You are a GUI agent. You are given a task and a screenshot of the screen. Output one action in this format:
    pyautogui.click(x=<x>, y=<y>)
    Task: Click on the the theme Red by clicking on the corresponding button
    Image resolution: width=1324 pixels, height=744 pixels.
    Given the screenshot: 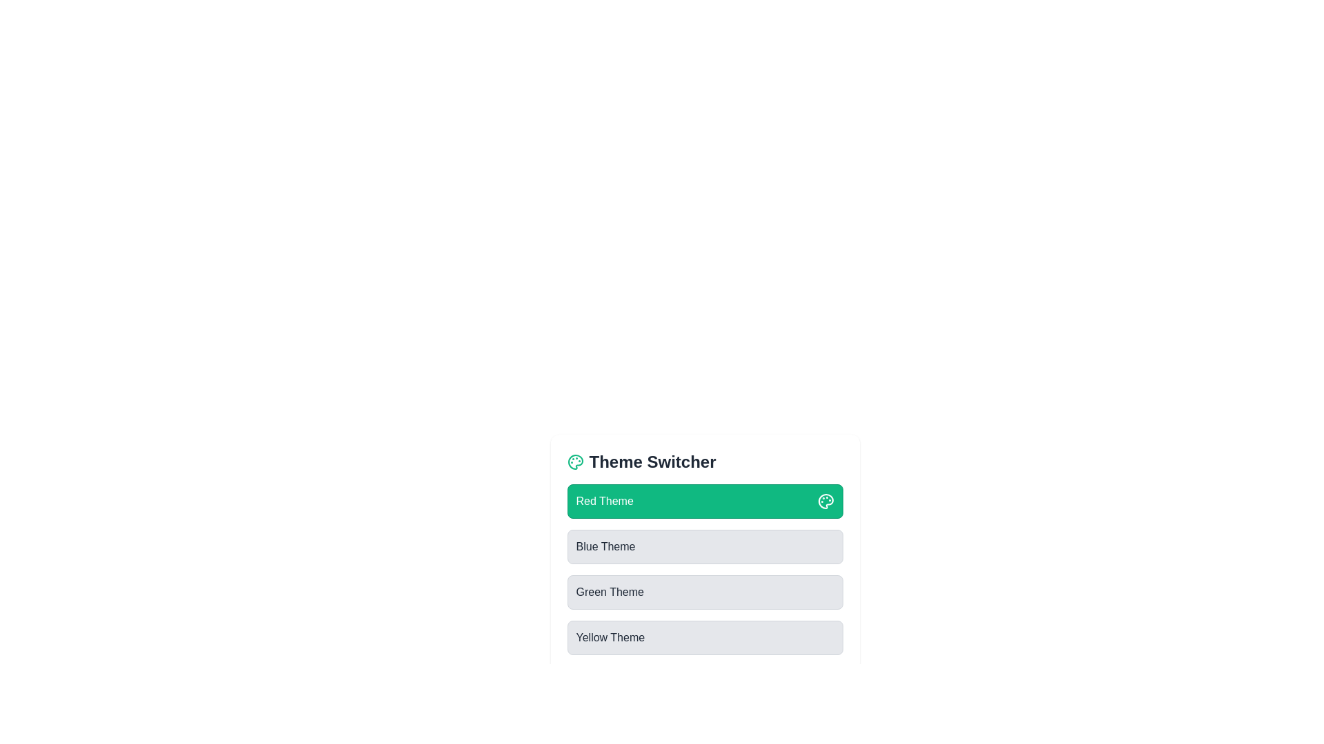 What is the action you would take?
    pyautogui.click(x=705, y=502)
    